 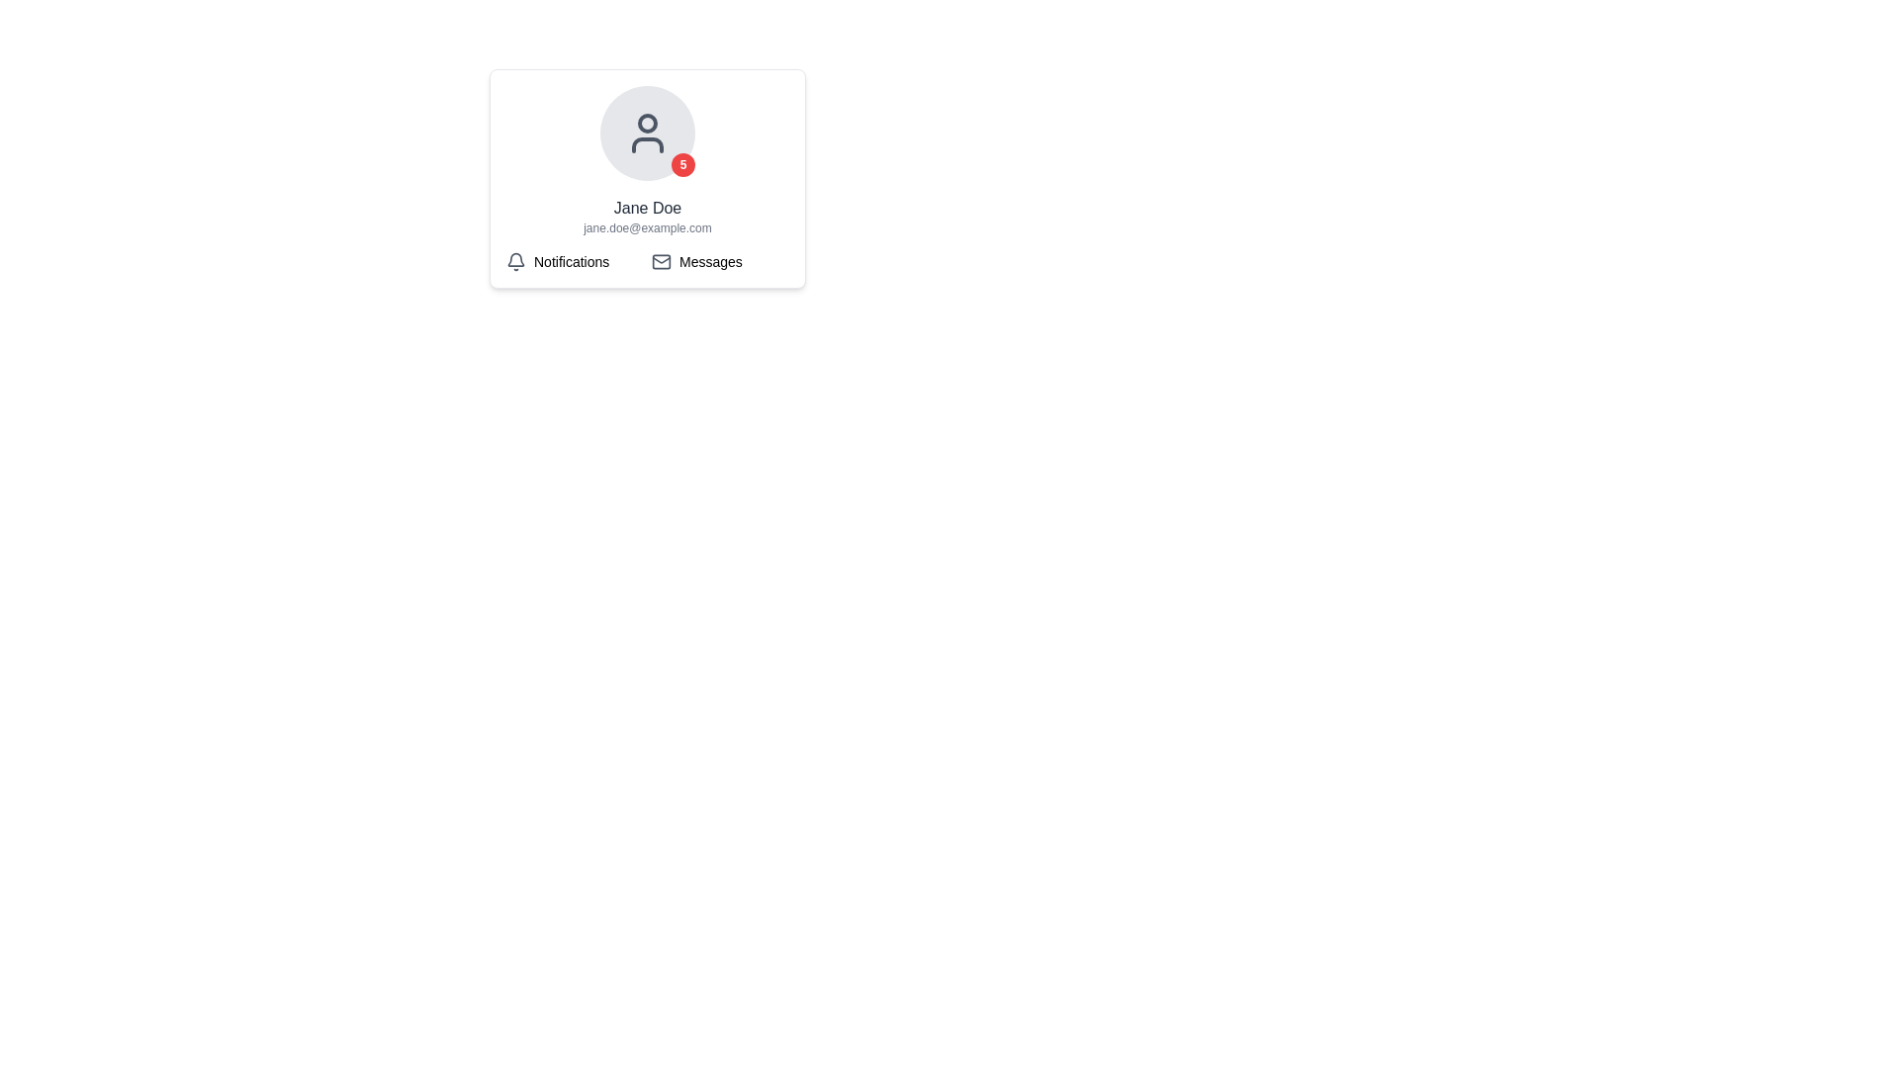 What do you see at coordinates (719, 261) in the screenshot?
I see `the 'Messages' button, which features an envelope icon and is located to the right of the 'Notifications' section in the grid layout` at bounding box center [719, 261].